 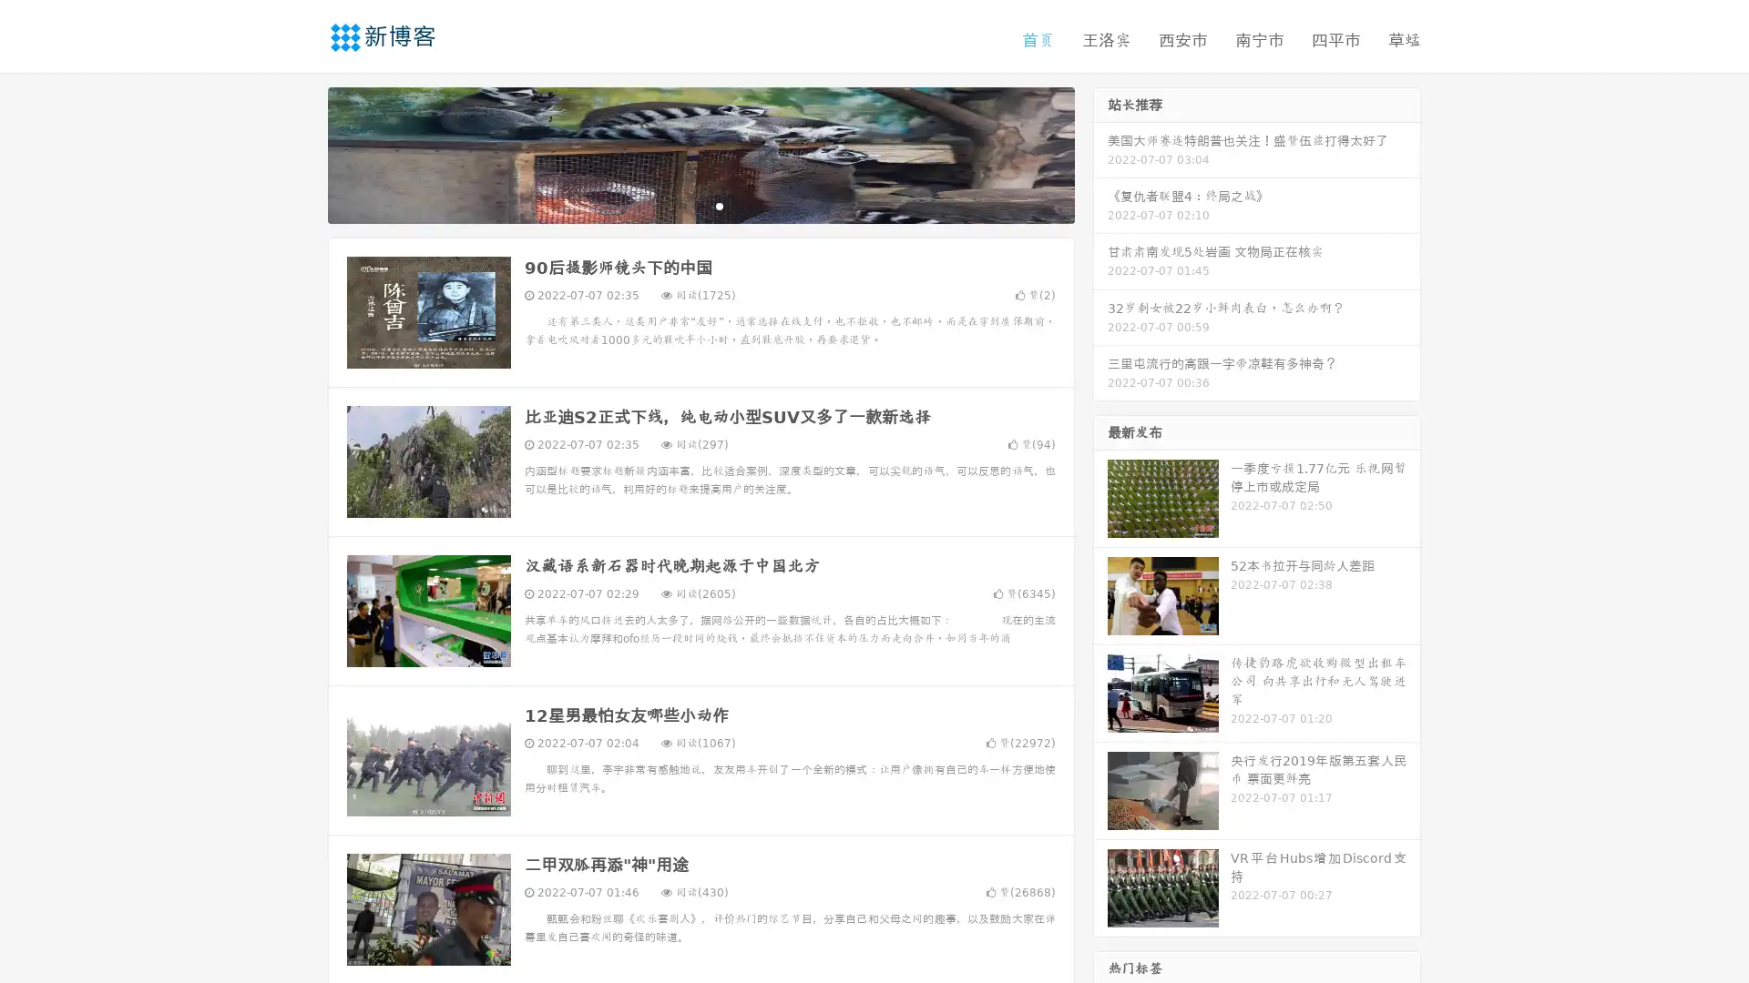 I want to click on Go to slide 2, so click(x=700, y=205).